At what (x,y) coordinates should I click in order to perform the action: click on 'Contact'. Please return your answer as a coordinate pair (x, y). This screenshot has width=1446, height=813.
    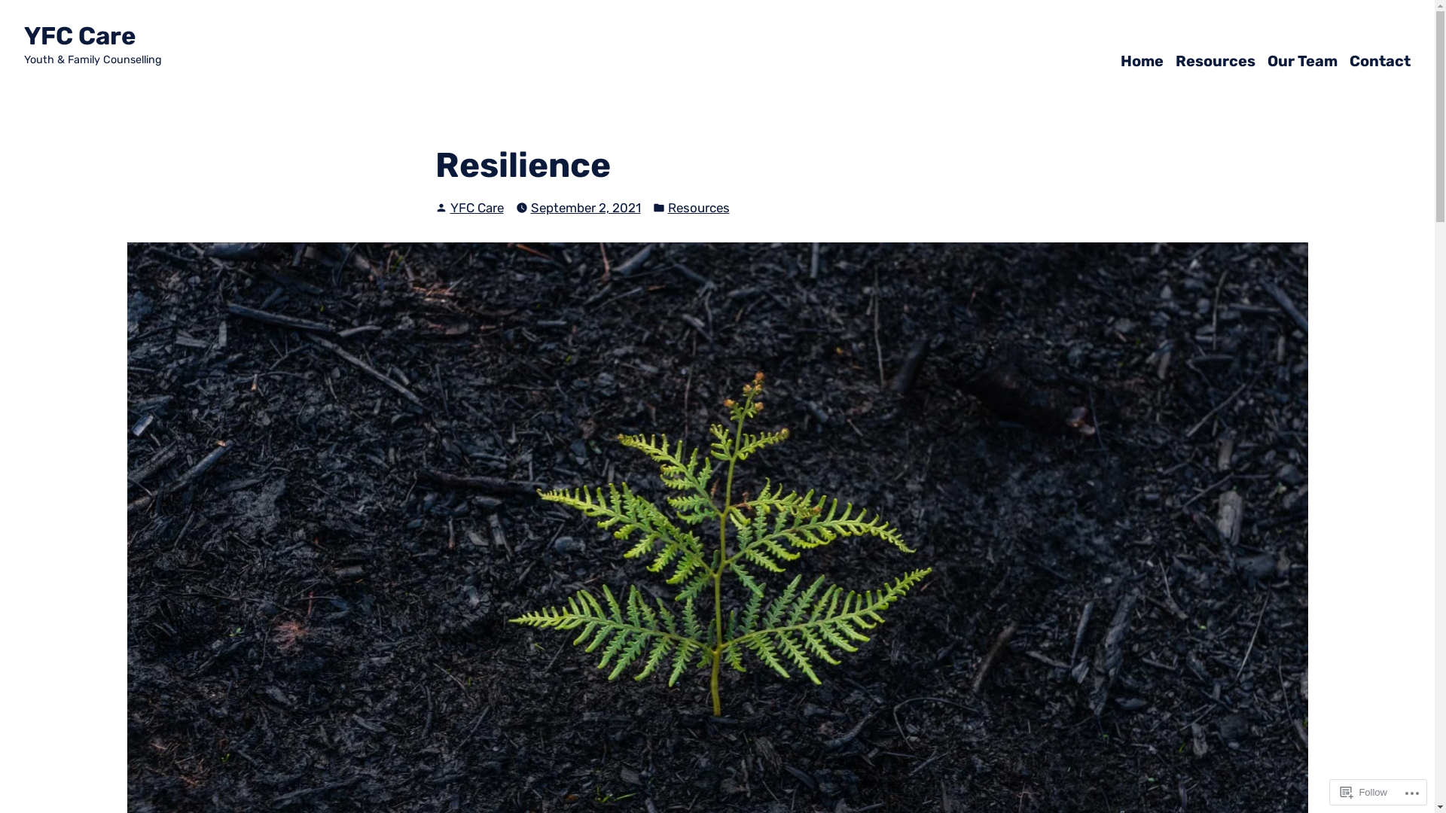
    Looking at the image, I should click on (1380, 59).